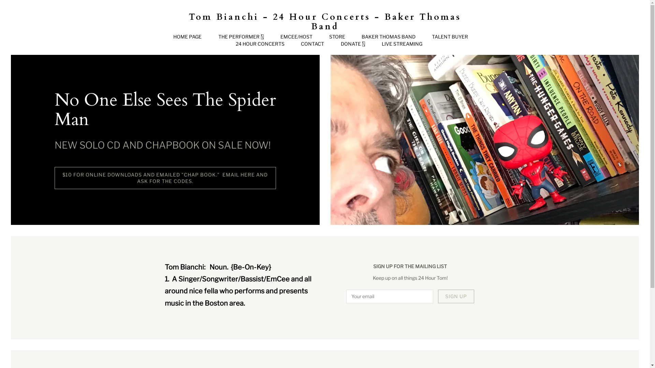 The width and height of the screenshot is (655, 368). Describe the element at coordinates (353, 44) in the screenshot. I see `'DONATE'` at that location.